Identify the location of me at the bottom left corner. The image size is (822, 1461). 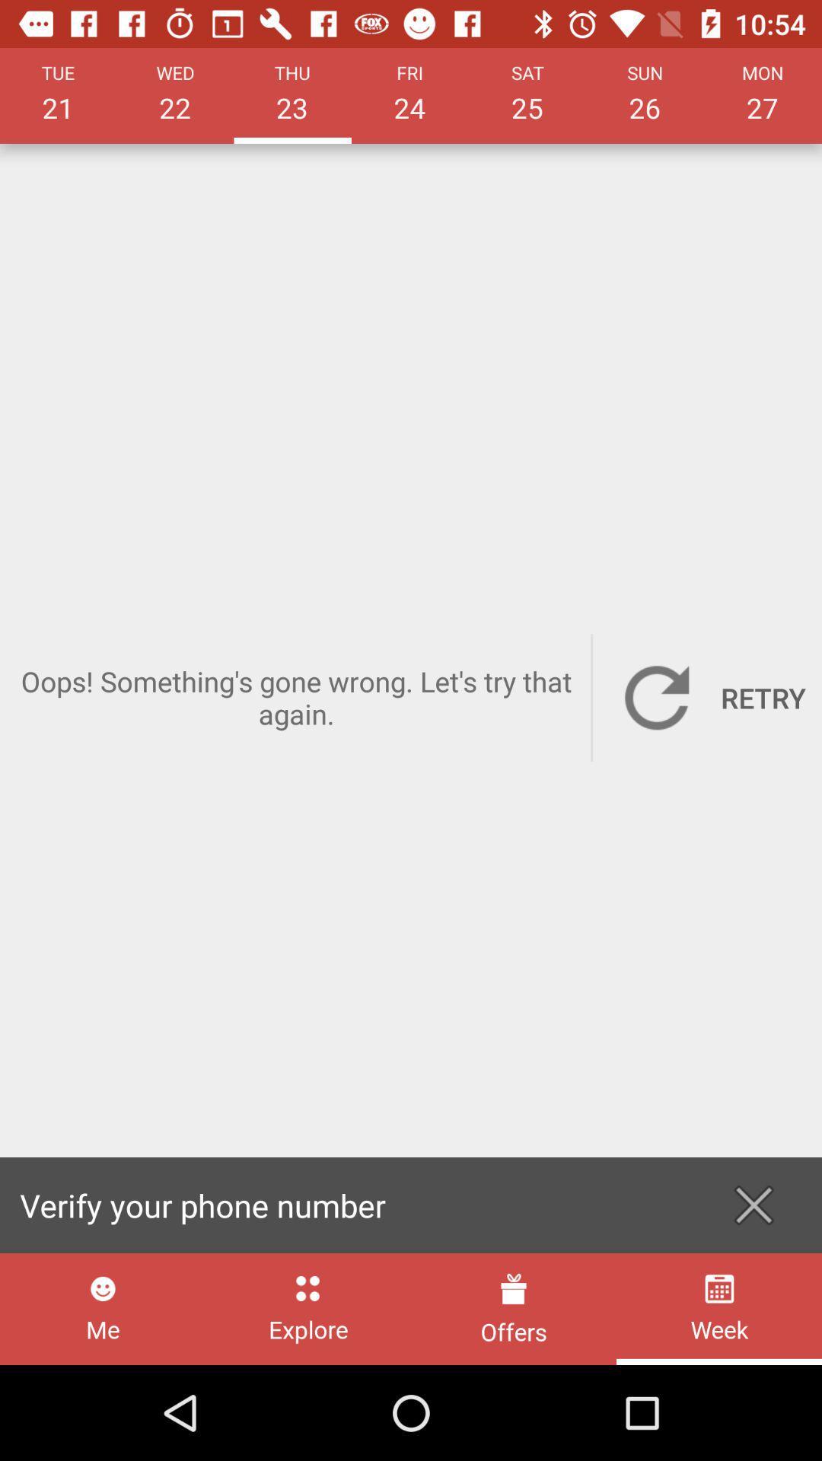
(103, 1308).